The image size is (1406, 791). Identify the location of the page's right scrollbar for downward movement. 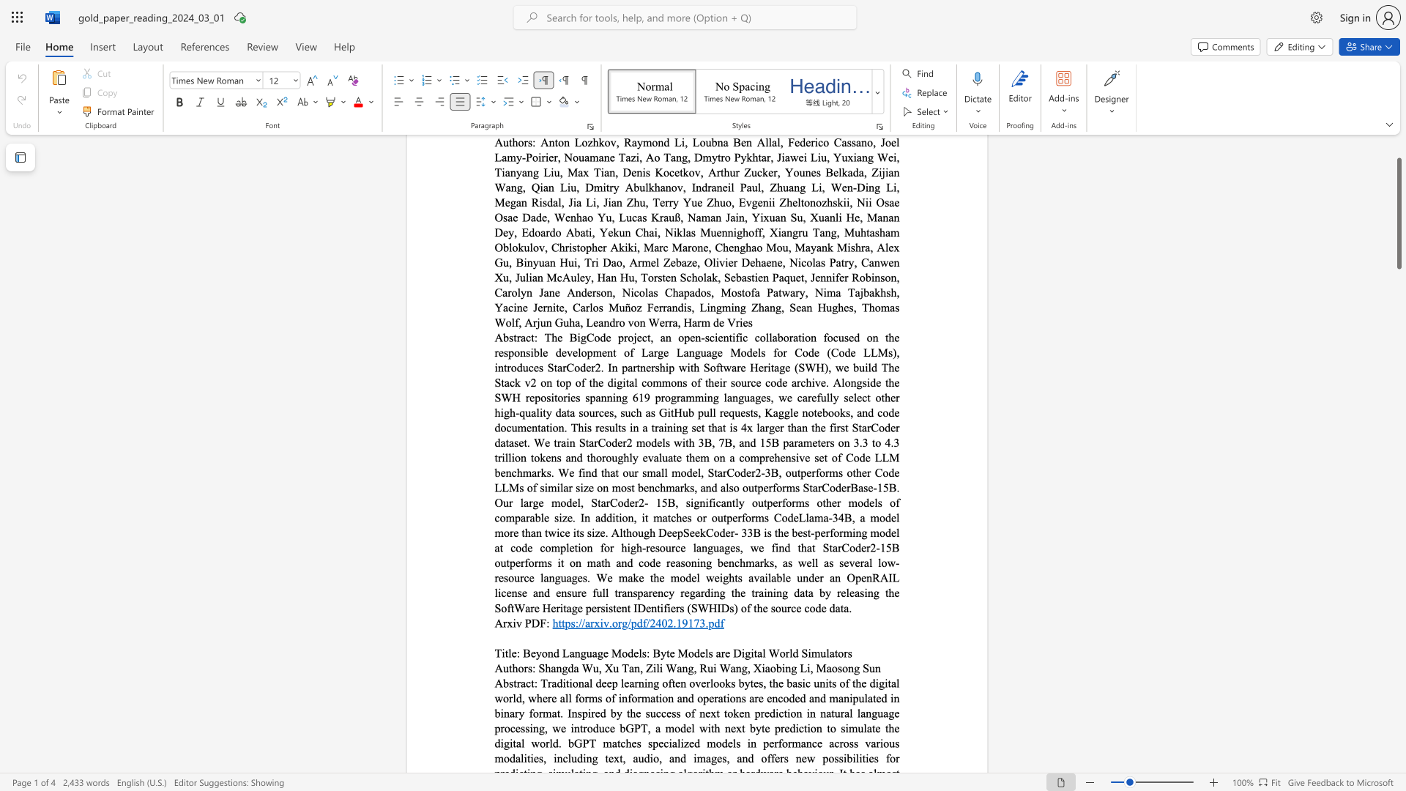
(1398, 424).